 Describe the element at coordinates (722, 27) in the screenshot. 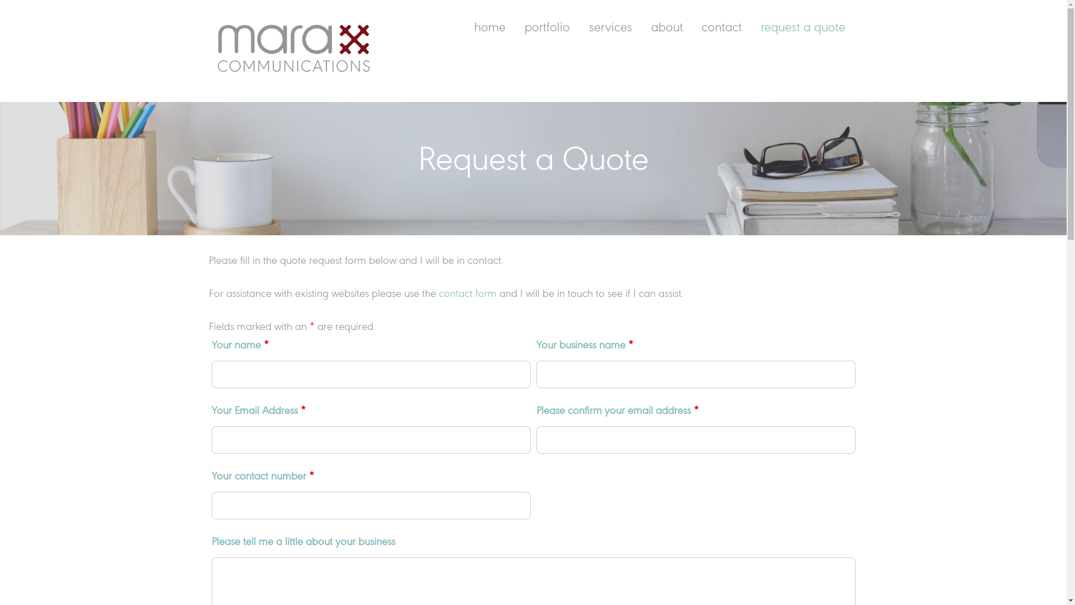

I see `'contact'` at that location.